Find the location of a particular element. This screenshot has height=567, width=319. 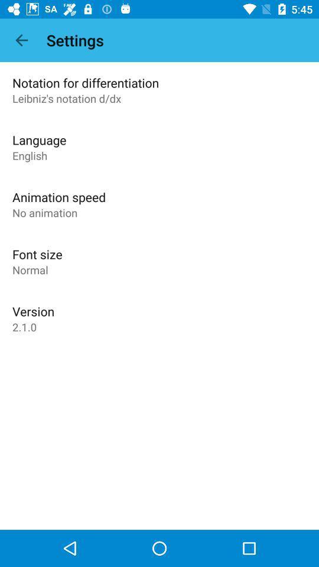

icon next to the settings is located at coordinates (21, 40).